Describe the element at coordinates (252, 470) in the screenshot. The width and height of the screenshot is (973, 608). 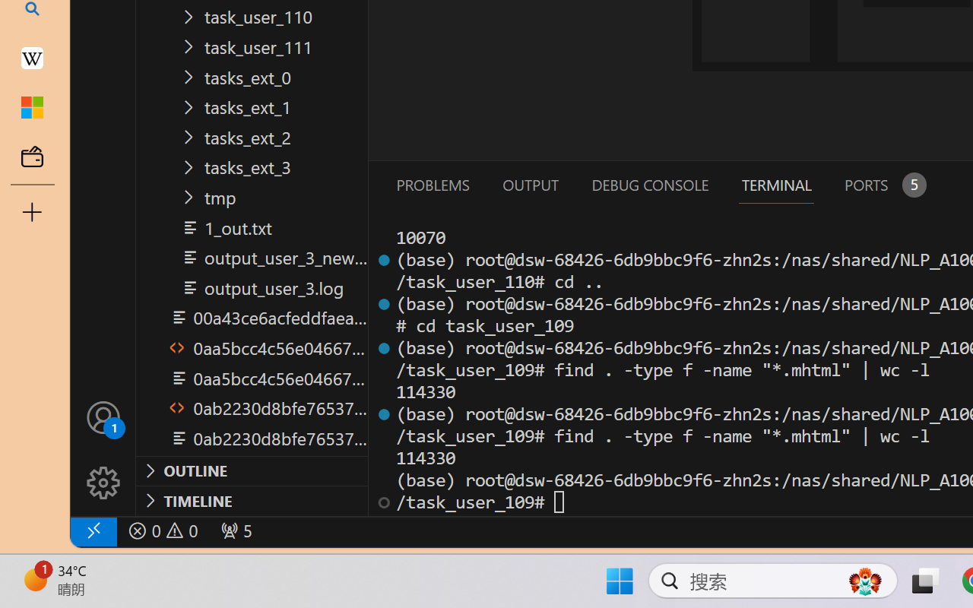
I see `'Outline Section'` at that location.